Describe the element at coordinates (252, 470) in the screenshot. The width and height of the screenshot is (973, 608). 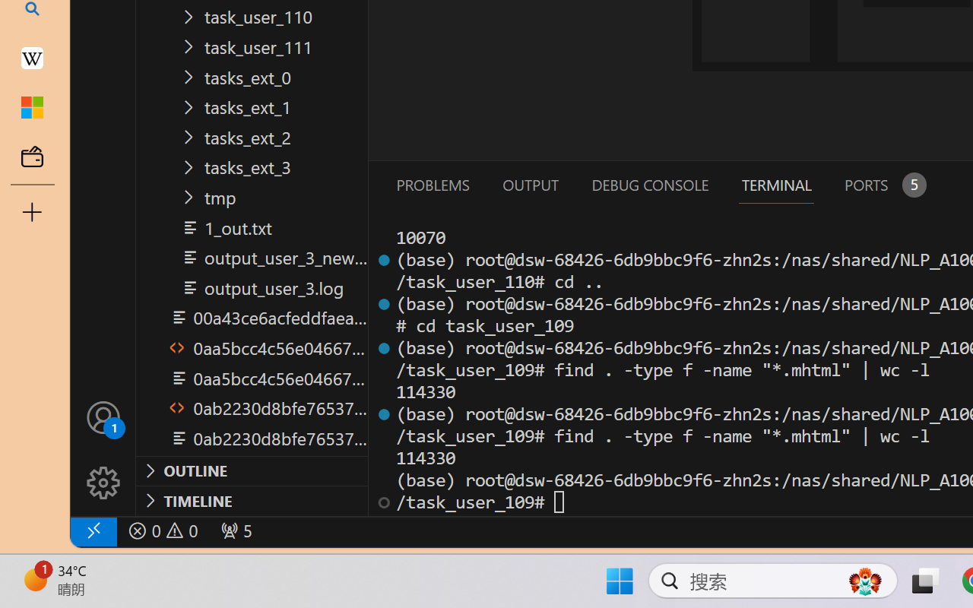
I see `'Outline Section'` at that location.